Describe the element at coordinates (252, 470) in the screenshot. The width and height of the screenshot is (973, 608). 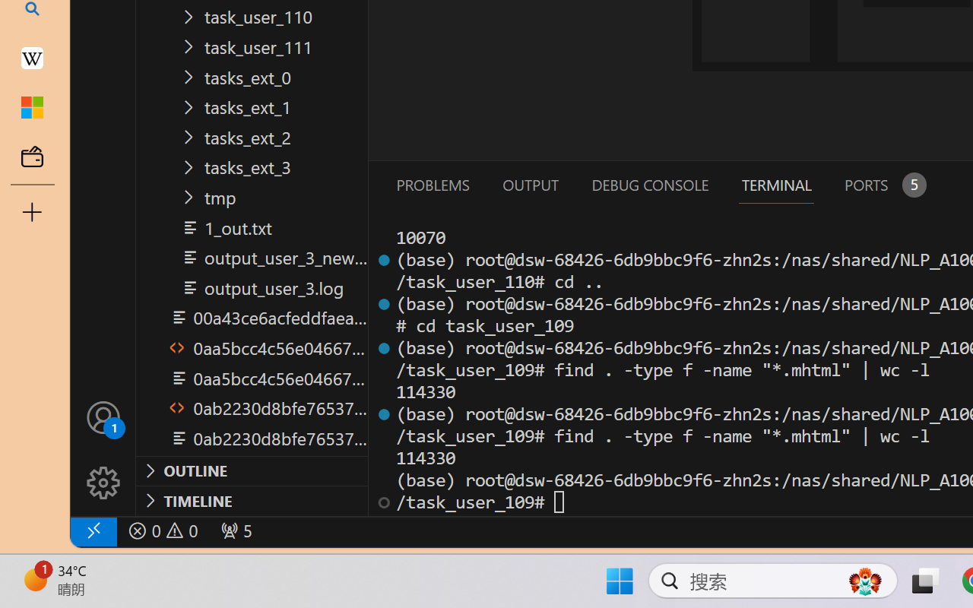
I see `'Outline Section'` at that location.